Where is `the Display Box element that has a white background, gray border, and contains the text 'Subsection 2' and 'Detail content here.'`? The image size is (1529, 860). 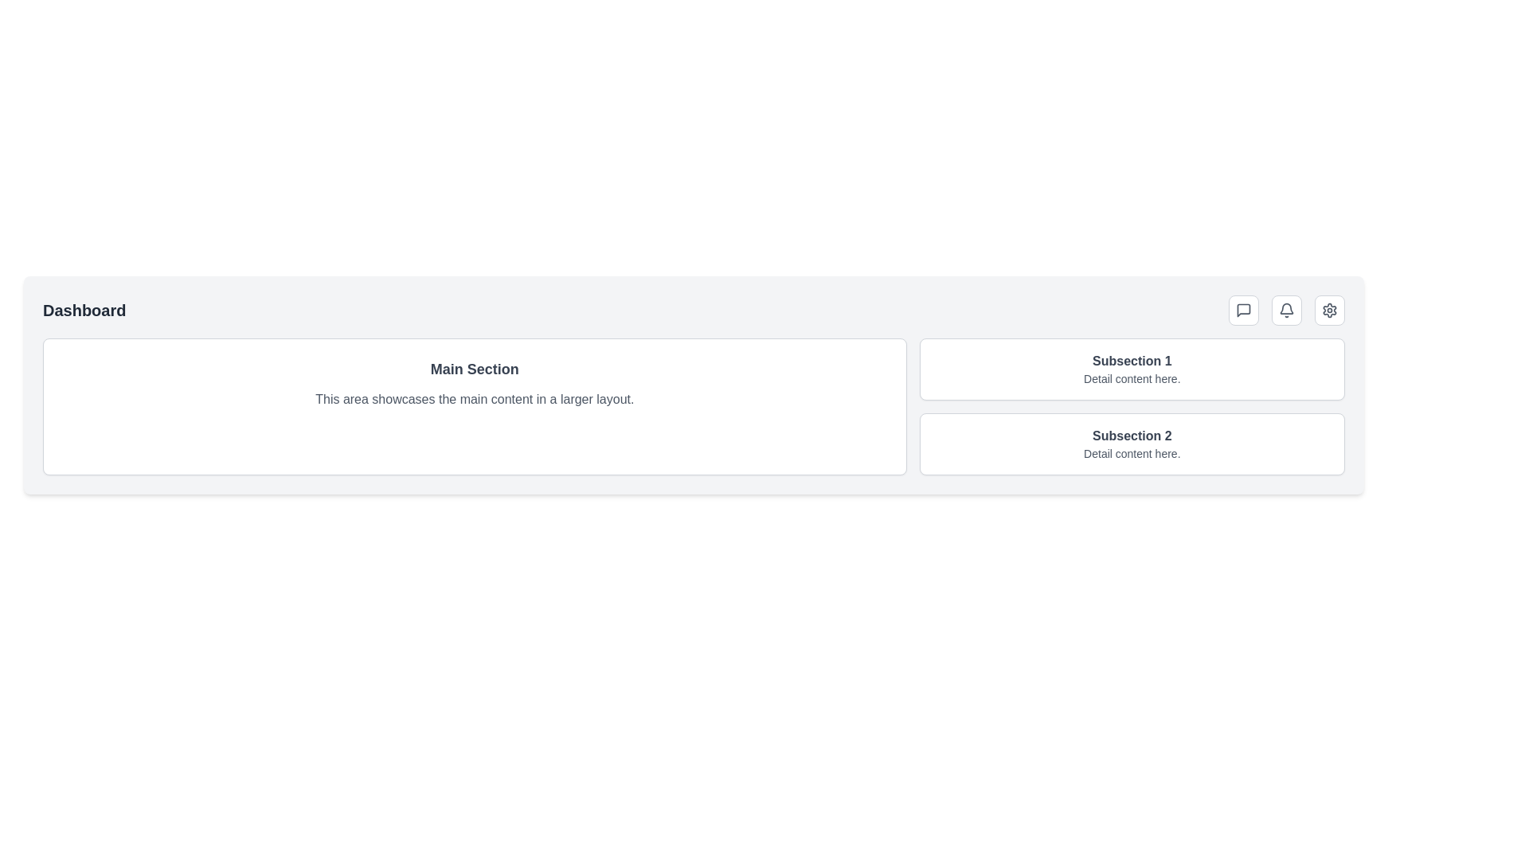
the Display Box element that has a white background, gray border, and contains the text 'Subsection 2' and 'Detail content here.' is located at coordinates (1131, 444).